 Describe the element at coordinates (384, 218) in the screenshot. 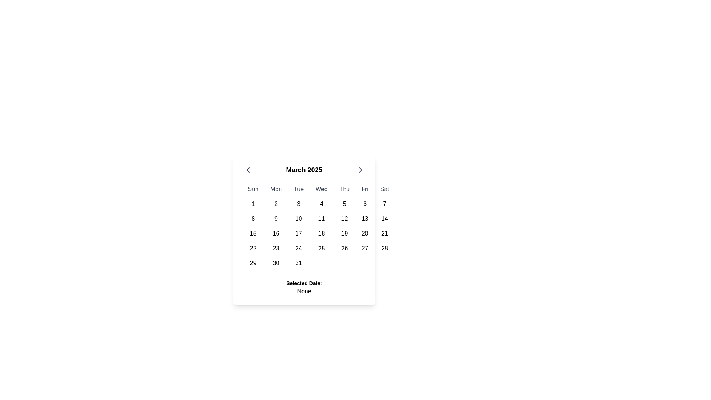

I see `the static text element displaying the number '14' in bold black font, which is the last day of the week (Saturday) in the calendar grid` at that location.